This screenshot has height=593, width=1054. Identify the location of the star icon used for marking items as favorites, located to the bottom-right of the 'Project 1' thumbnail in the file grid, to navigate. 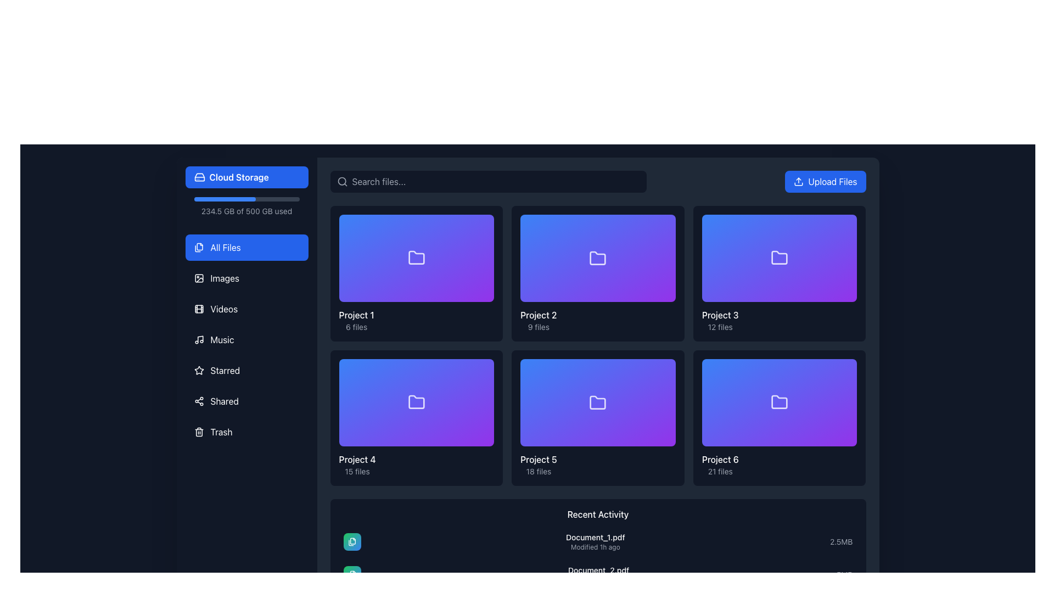
(485, 320).